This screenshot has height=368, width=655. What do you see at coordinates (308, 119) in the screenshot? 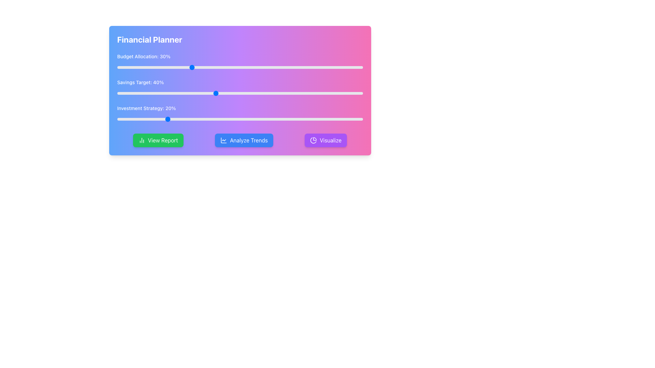
I see `investment strategy` at bounding box center [308, 119].